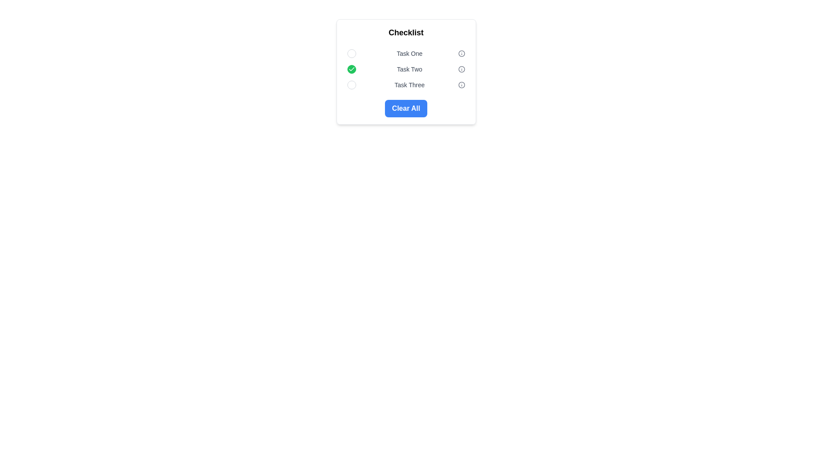 This screenshot has height=471, width=838. I want to click on the text label representing the name of the third task in the checklist application, which is located below 'Task Two' and above the 'Clear All' button, so click(409, 85).